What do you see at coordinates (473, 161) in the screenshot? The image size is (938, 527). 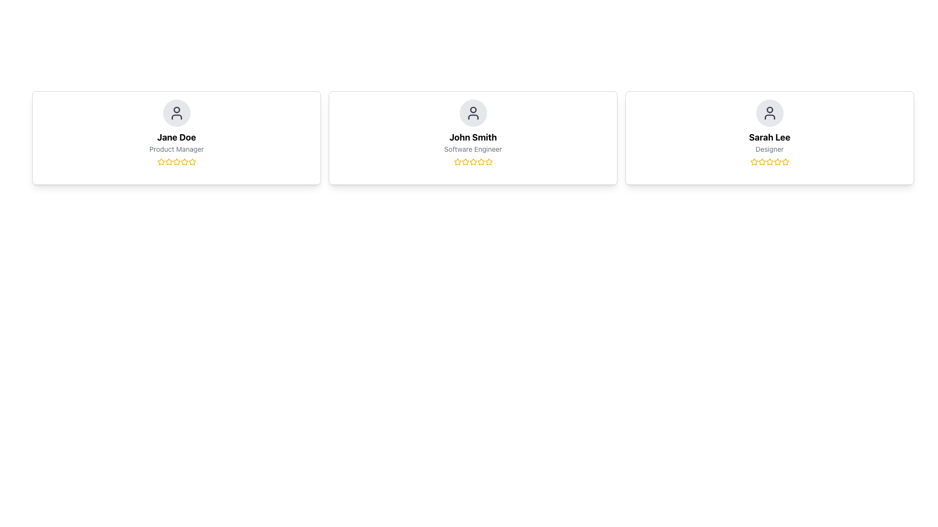 I see `the fourth star in the rating mechanism below the job title 'Software Engineer' for the profile of 'John Smith' to provide a rating` at bounding box center [473, 161].